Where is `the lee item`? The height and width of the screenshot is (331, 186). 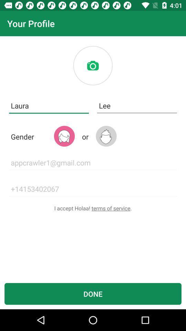 the lee item is located at coordinates (137, 106).